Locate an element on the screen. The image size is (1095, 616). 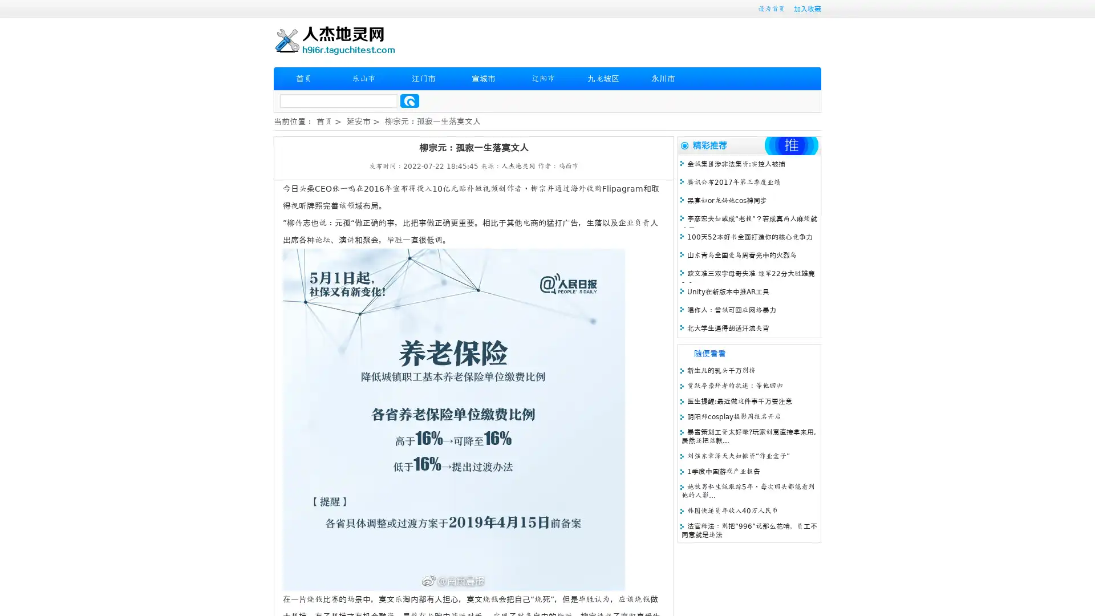
Search is located at coordinates (409, 100).